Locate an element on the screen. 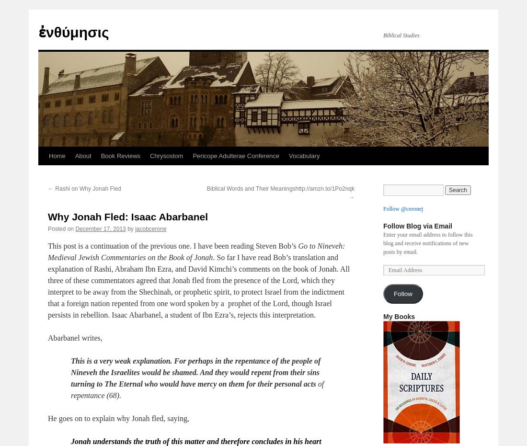 The height and width of the screenshot is (446, 527). 'December 17, 2013' is located at coordinates (100, 229).